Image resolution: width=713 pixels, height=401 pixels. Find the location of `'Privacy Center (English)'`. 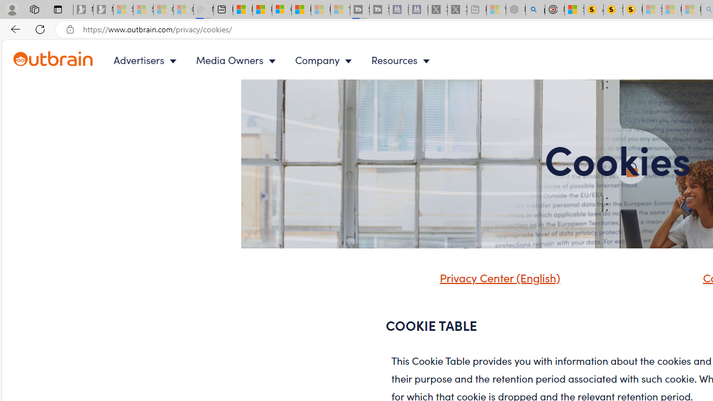

'Privacy Center (English)' is located at coordinates (486, 281).